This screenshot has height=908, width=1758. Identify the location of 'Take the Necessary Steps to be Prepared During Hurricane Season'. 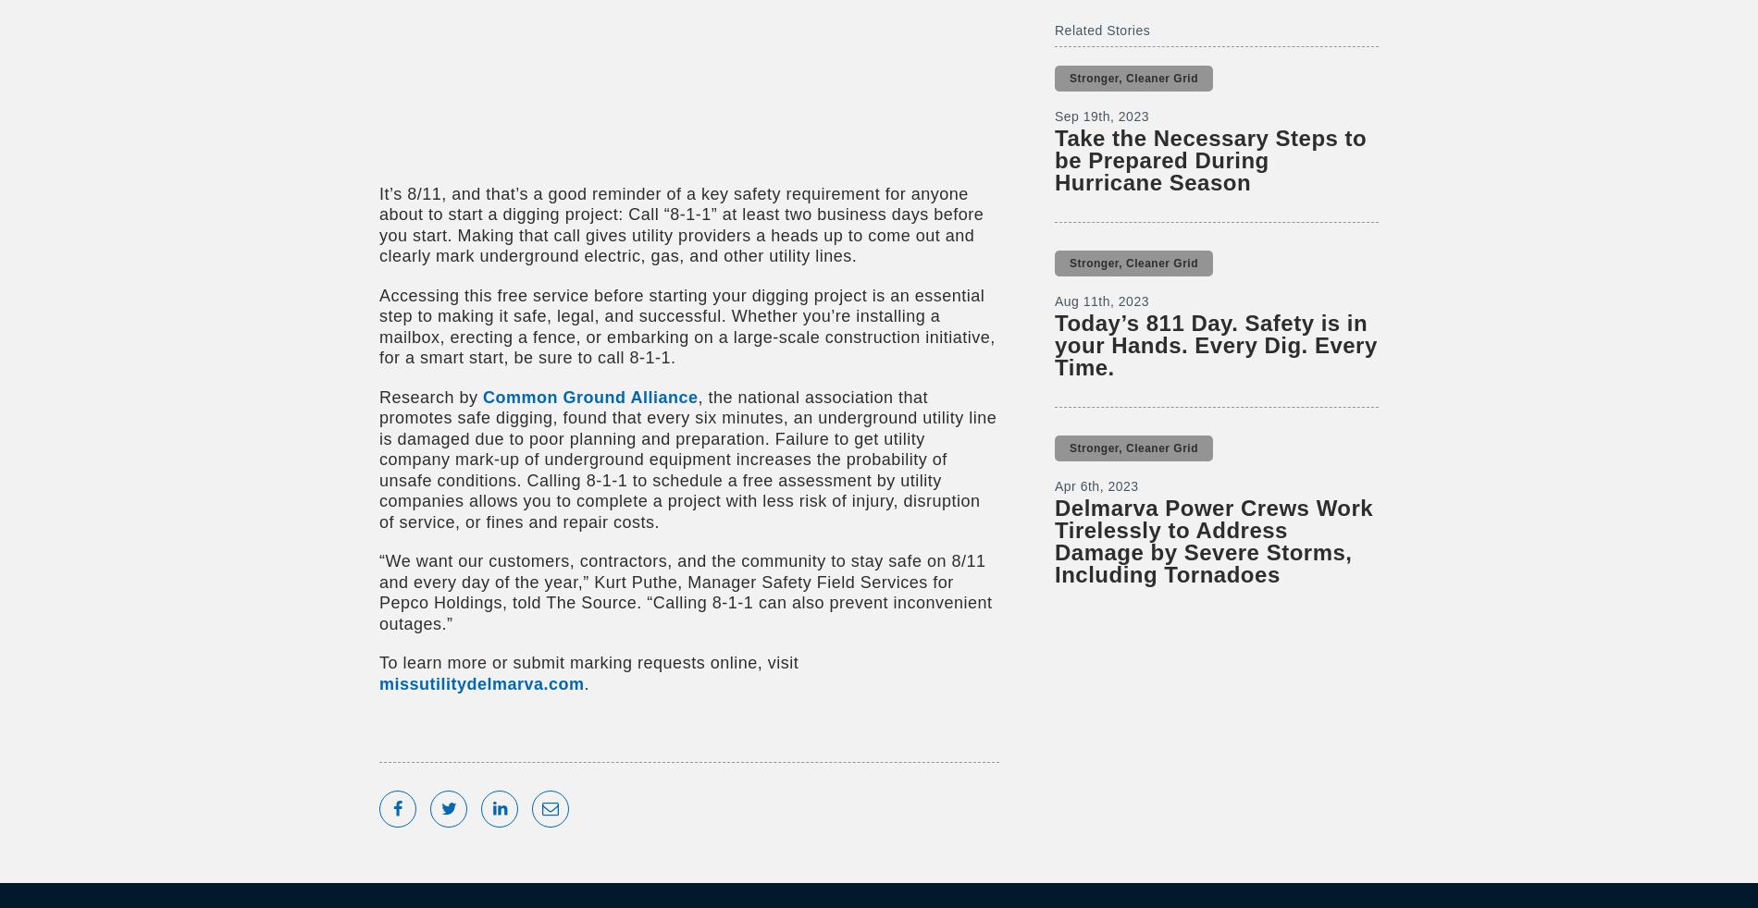
(1209, 158).